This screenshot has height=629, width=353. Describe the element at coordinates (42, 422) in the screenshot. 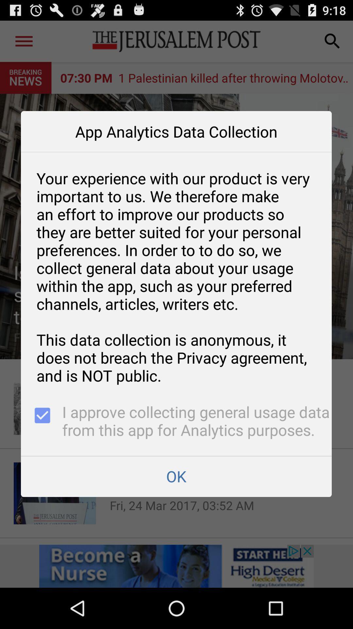

I see `the app to the left of i approve collecting item` at that location.